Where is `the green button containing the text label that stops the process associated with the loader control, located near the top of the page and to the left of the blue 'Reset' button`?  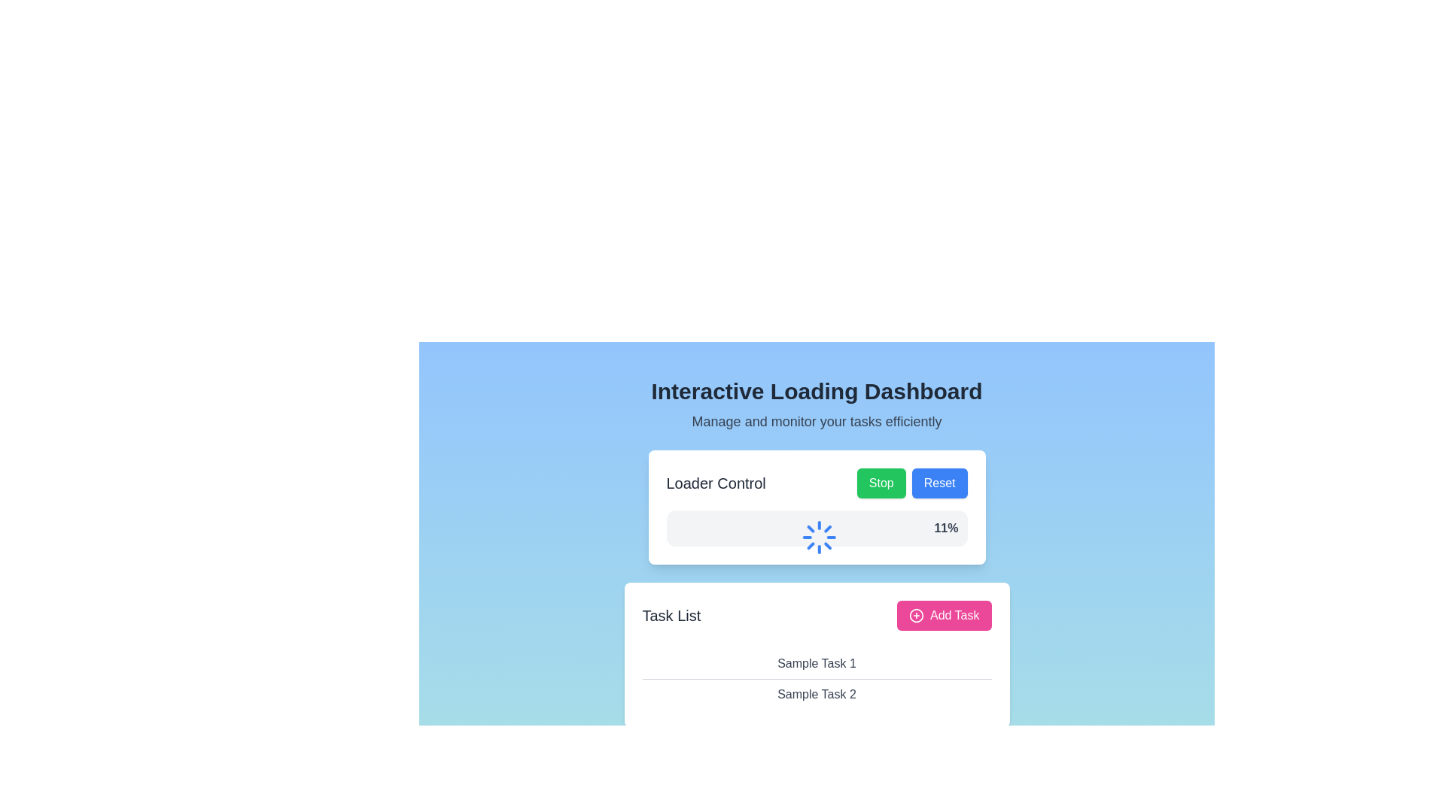
the green button containing the text label that stops the process associated with the loader control, located near the top of the page and to the left of the blue 'Reset' button is located at coordinates (881, 483).